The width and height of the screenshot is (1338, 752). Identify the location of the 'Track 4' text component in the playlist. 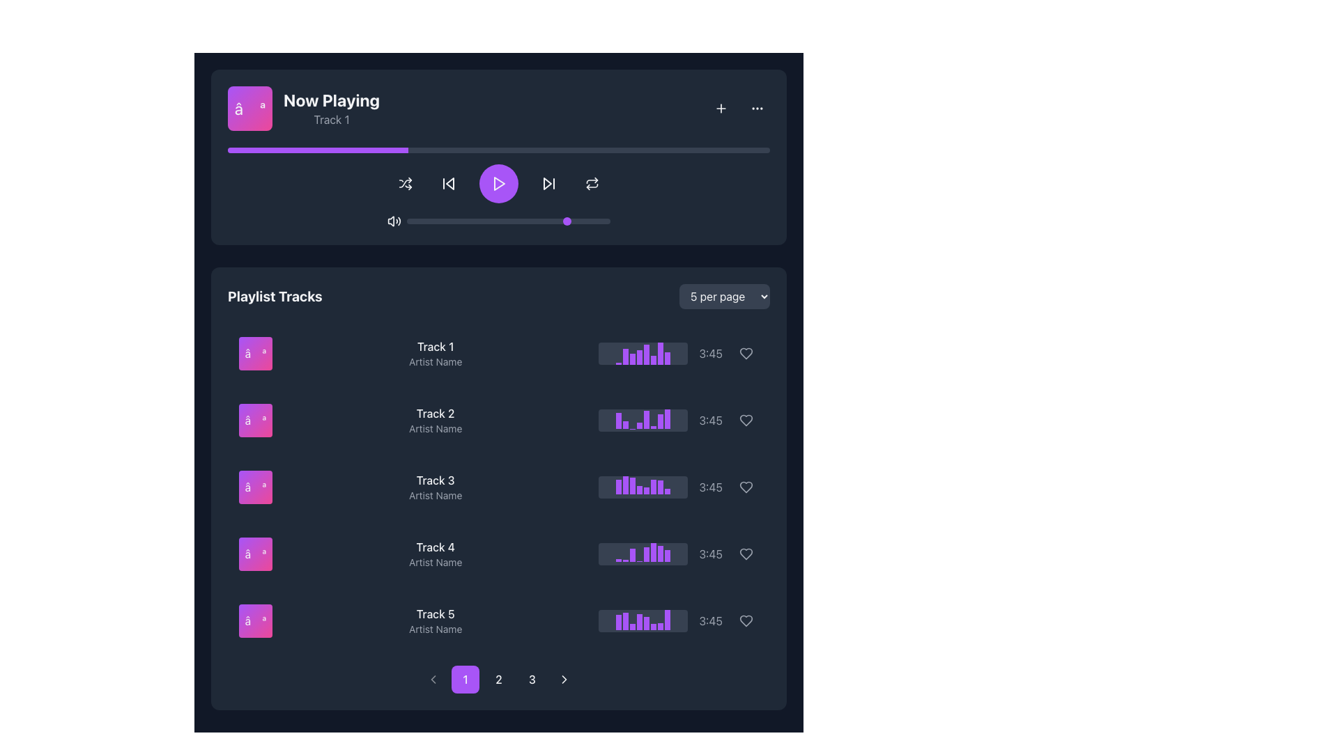
(434, 553).